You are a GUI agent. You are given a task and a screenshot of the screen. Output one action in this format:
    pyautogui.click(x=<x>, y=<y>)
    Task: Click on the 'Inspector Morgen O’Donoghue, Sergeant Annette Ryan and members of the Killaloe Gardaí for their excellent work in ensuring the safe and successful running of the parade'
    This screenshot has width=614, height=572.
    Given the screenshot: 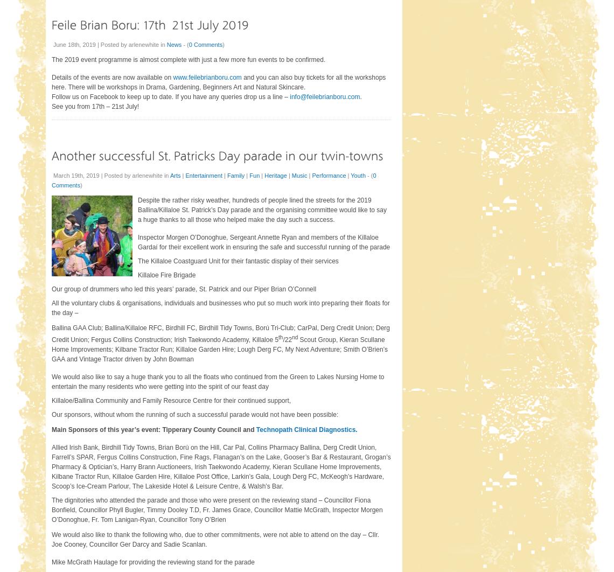 What is the action you would take?
    pyautogui.click(x=263, y=241)
    